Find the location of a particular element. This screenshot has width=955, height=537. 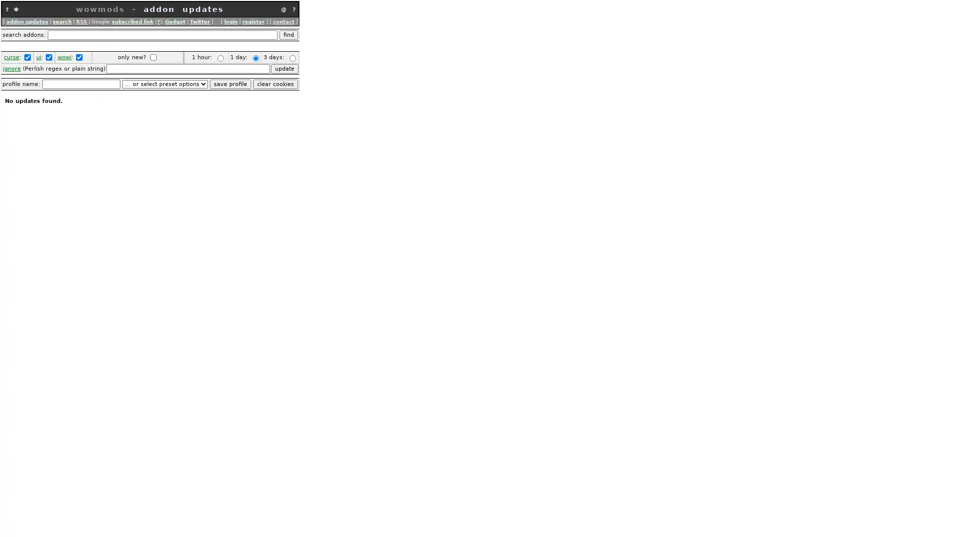

update is located at coordinates (284, 68).